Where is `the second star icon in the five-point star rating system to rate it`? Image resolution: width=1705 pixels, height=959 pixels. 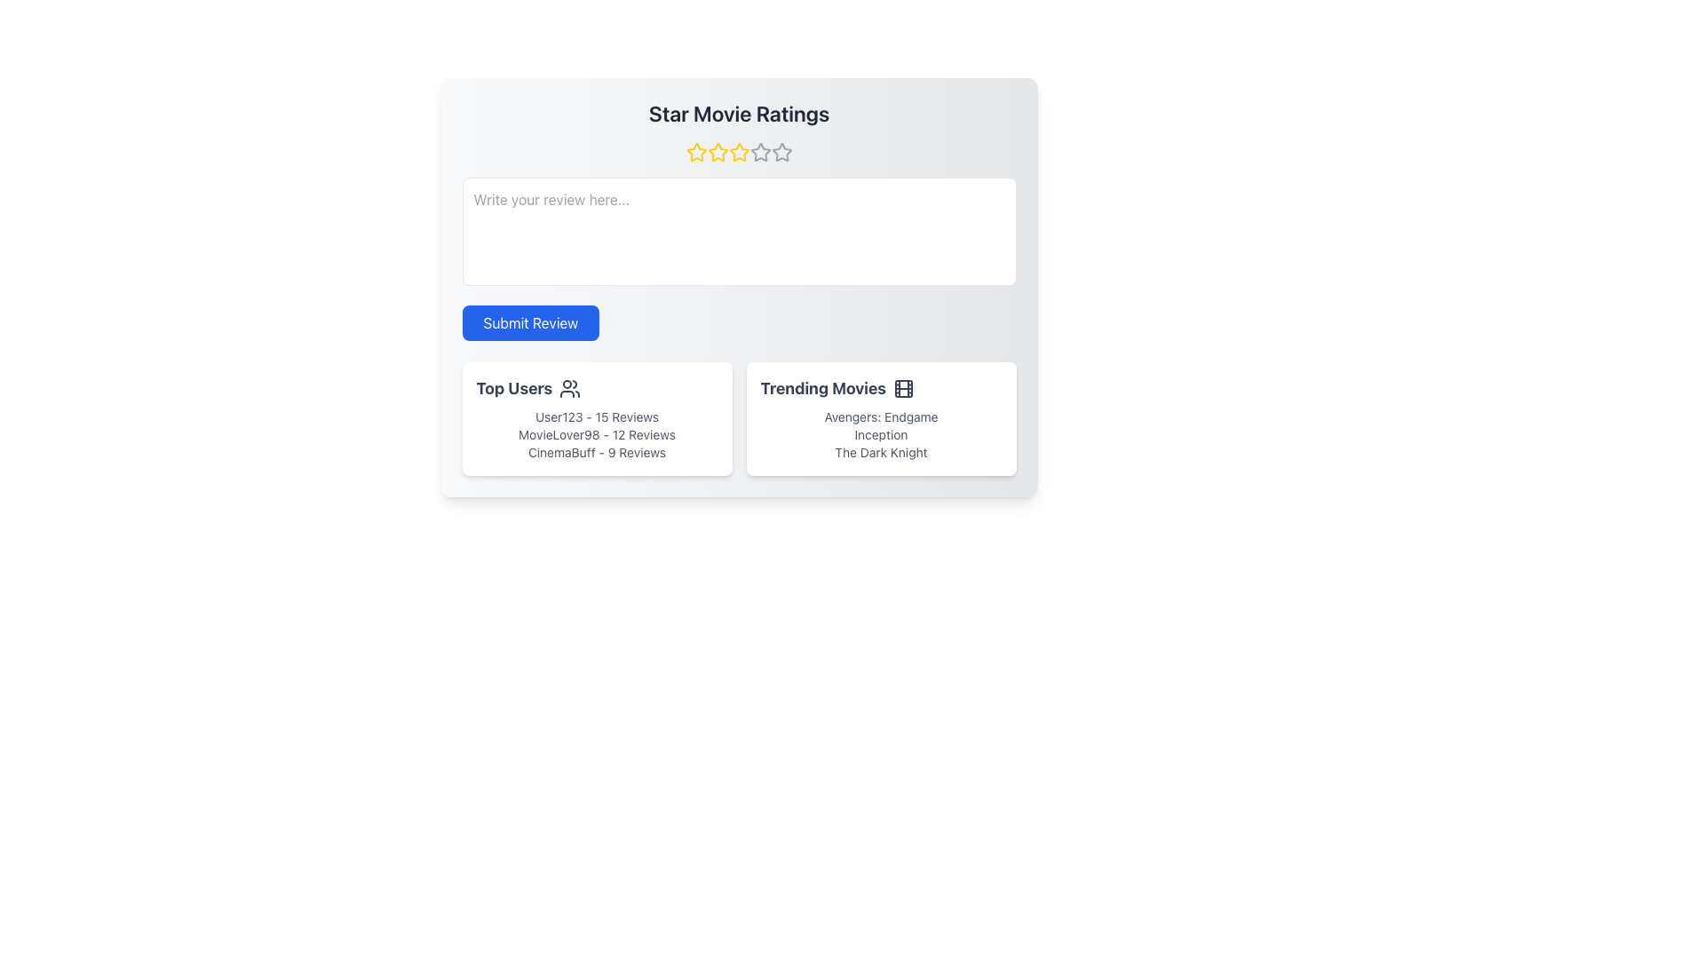 the second star icon in the five-point star rating system to rate it is located at coordinates (739, 151).